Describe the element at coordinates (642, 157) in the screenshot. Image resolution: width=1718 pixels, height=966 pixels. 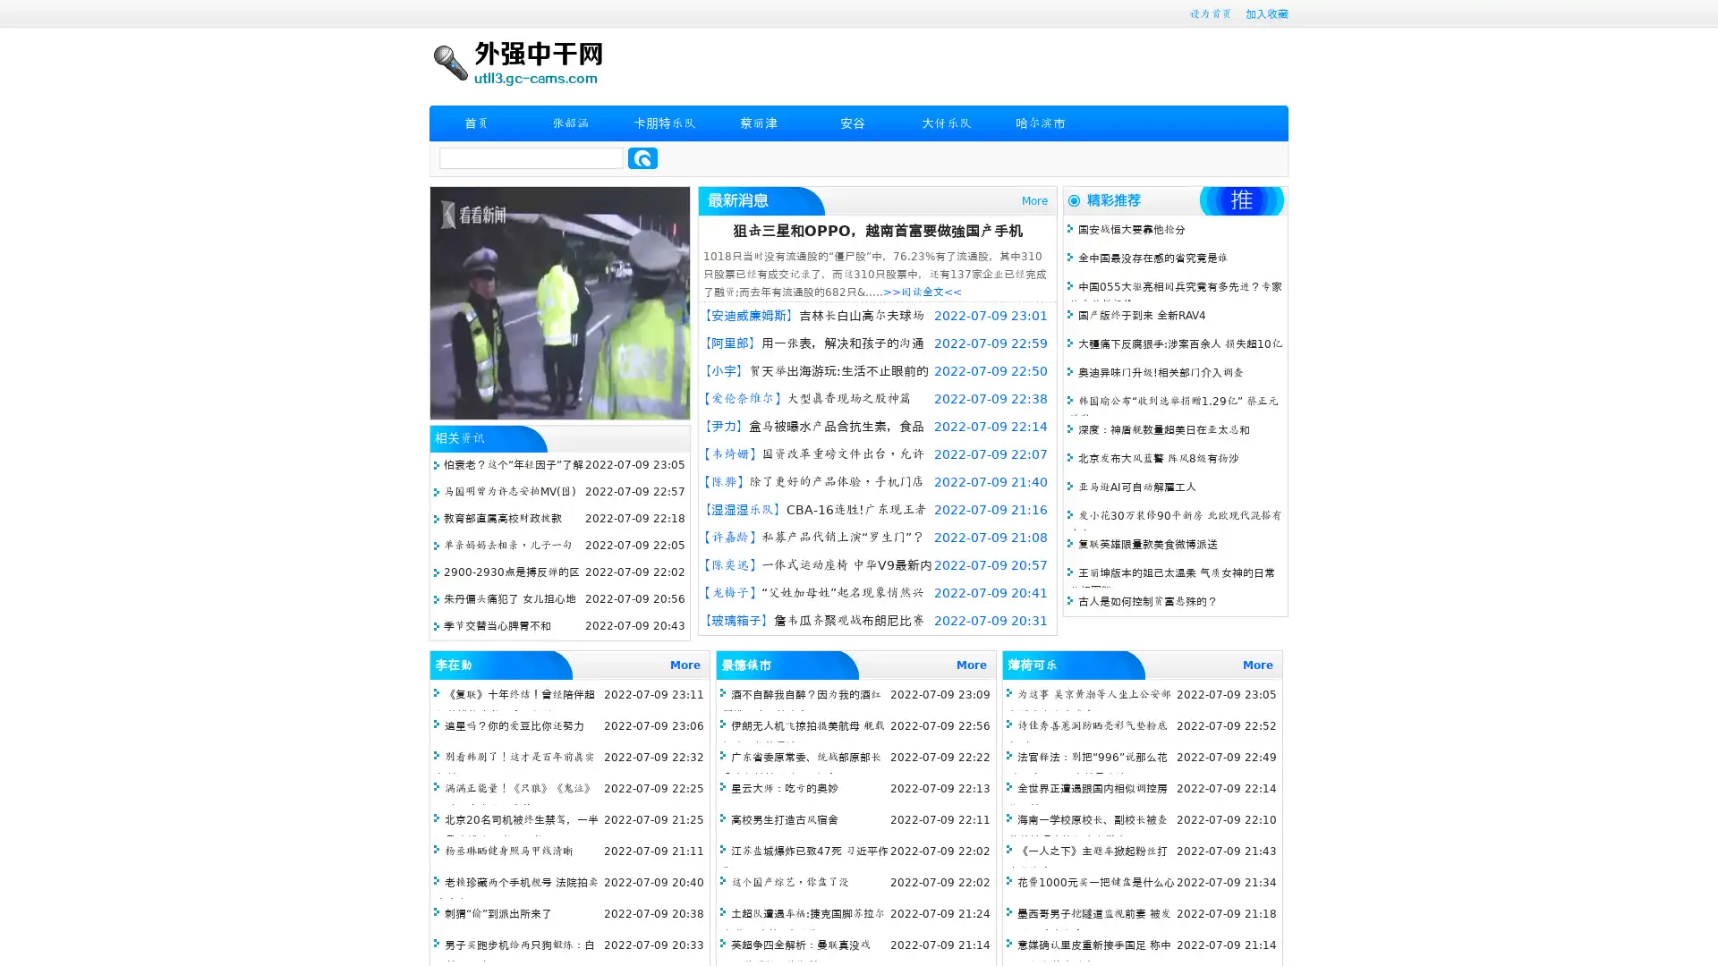
I see `Search` at that location.